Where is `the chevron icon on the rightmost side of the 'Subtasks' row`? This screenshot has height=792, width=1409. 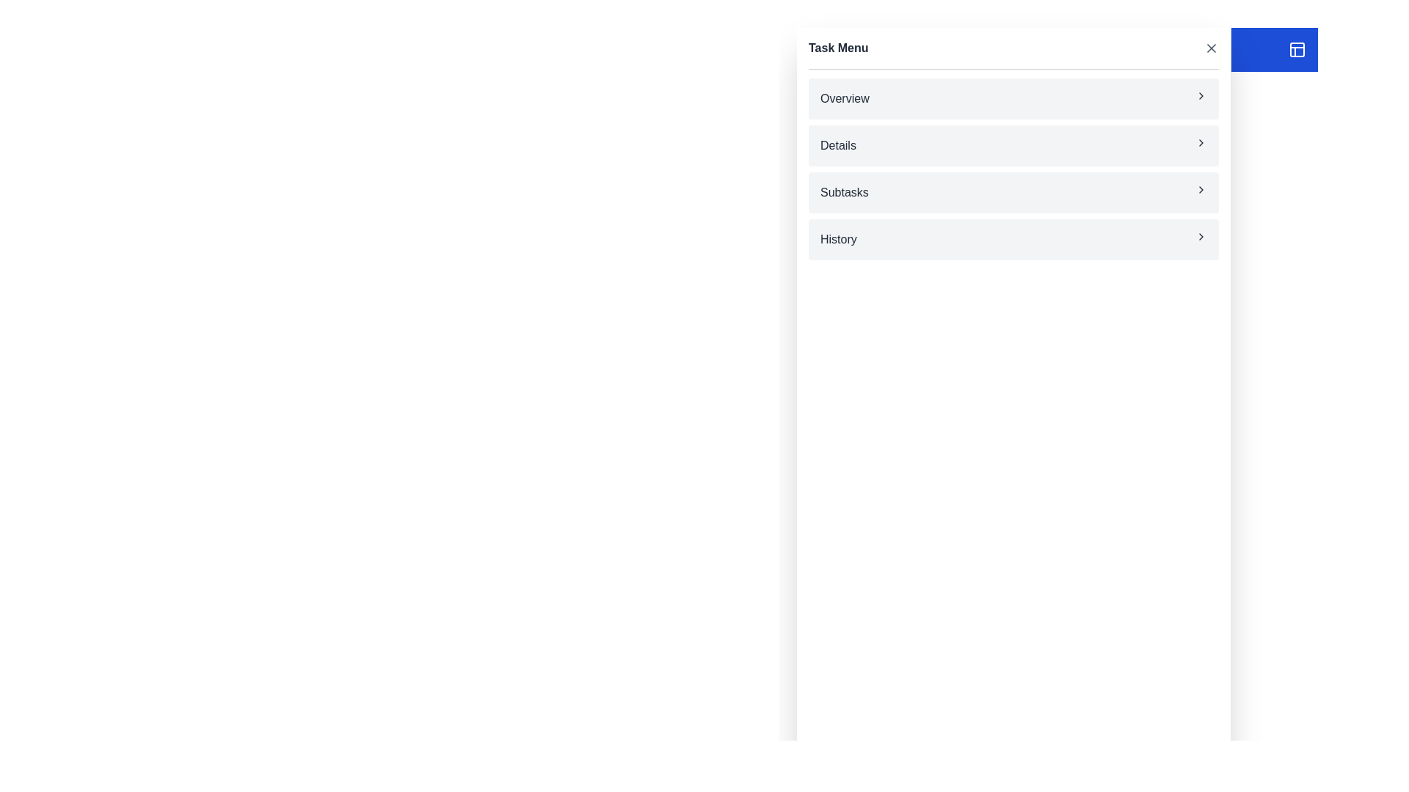 the chevron icon on the rightmost side of the 'Subtasks' row is located at coordinates (1201, 188).